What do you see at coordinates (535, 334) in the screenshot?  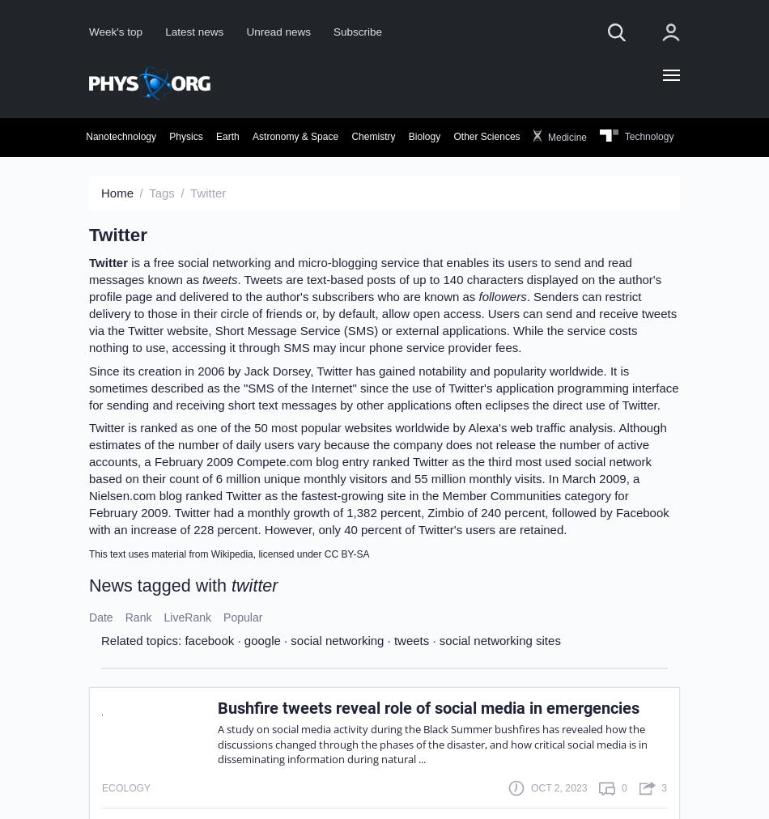 I see `'Sign up'` at bounding box center [535, 334].